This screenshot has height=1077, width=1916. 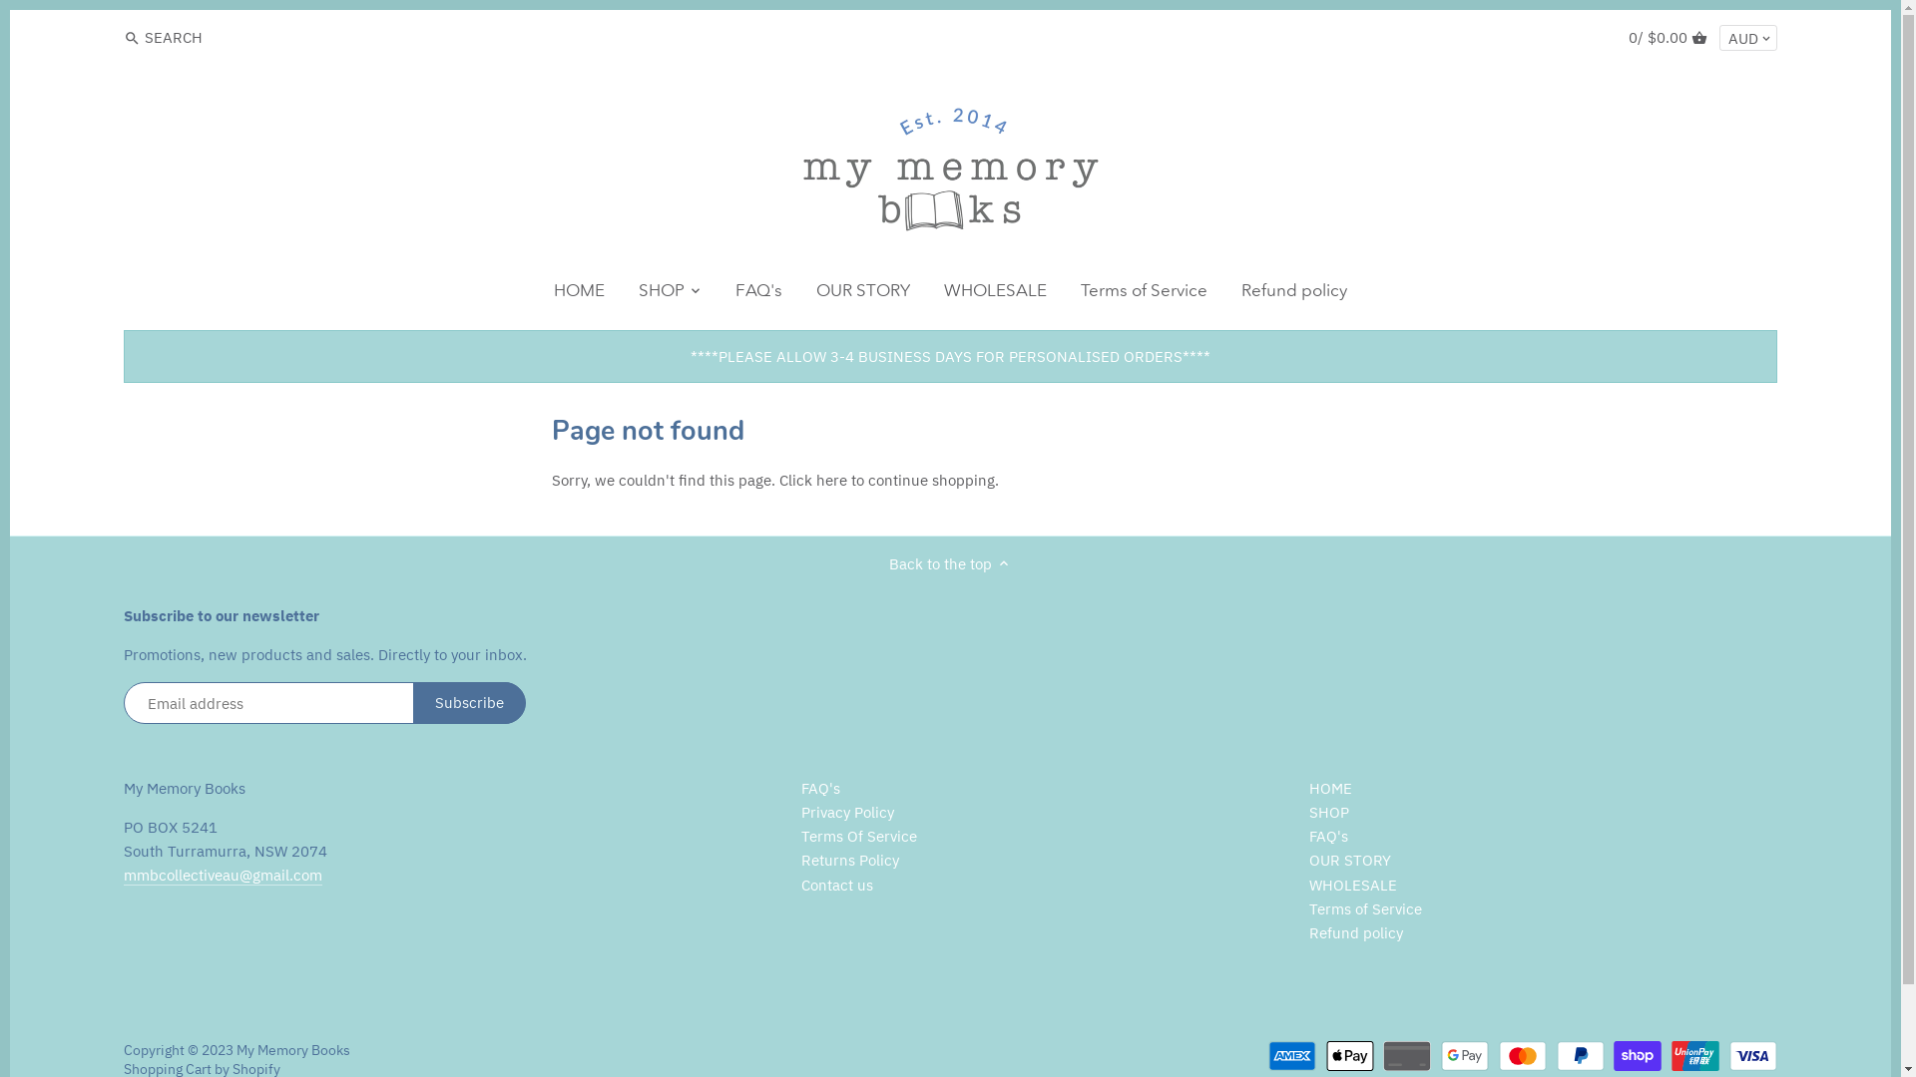 I want to click on '0/ $0.00 CART', so click(x=1668, y=37).